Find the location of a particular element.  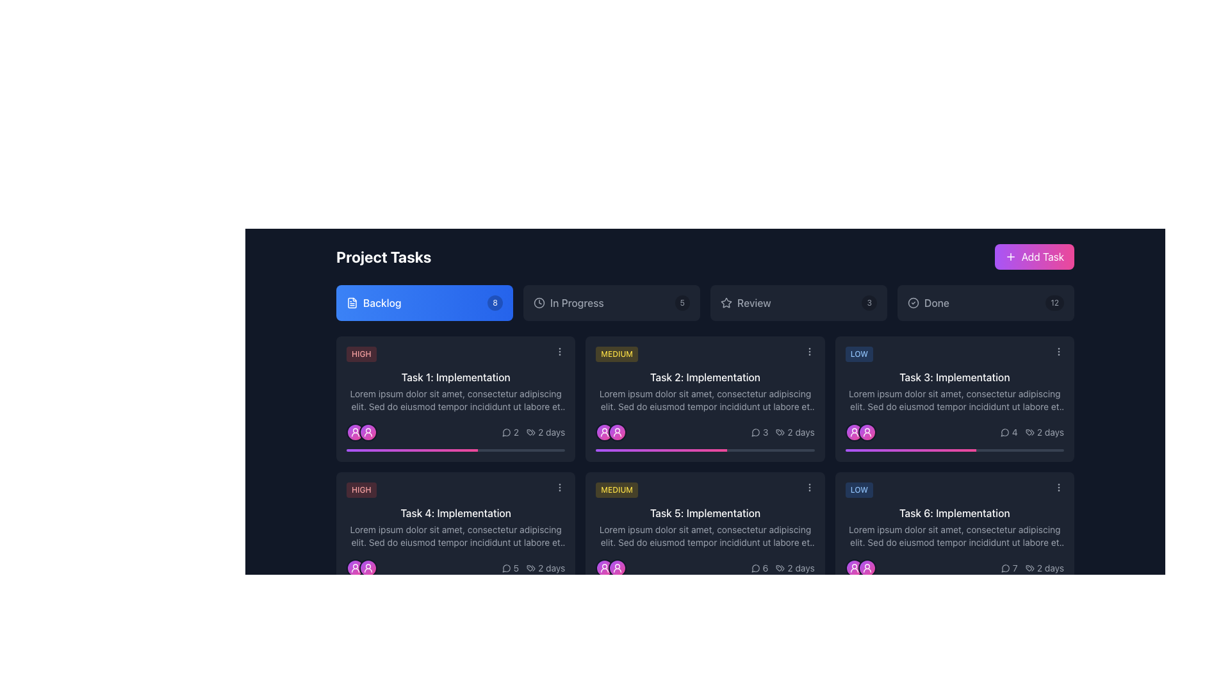

the Text label that indicates a time duration of '2 days' located in the bottom-right corner of the 'Task 4: Implementation' box in the task grid is located at coordinates (546, 568).